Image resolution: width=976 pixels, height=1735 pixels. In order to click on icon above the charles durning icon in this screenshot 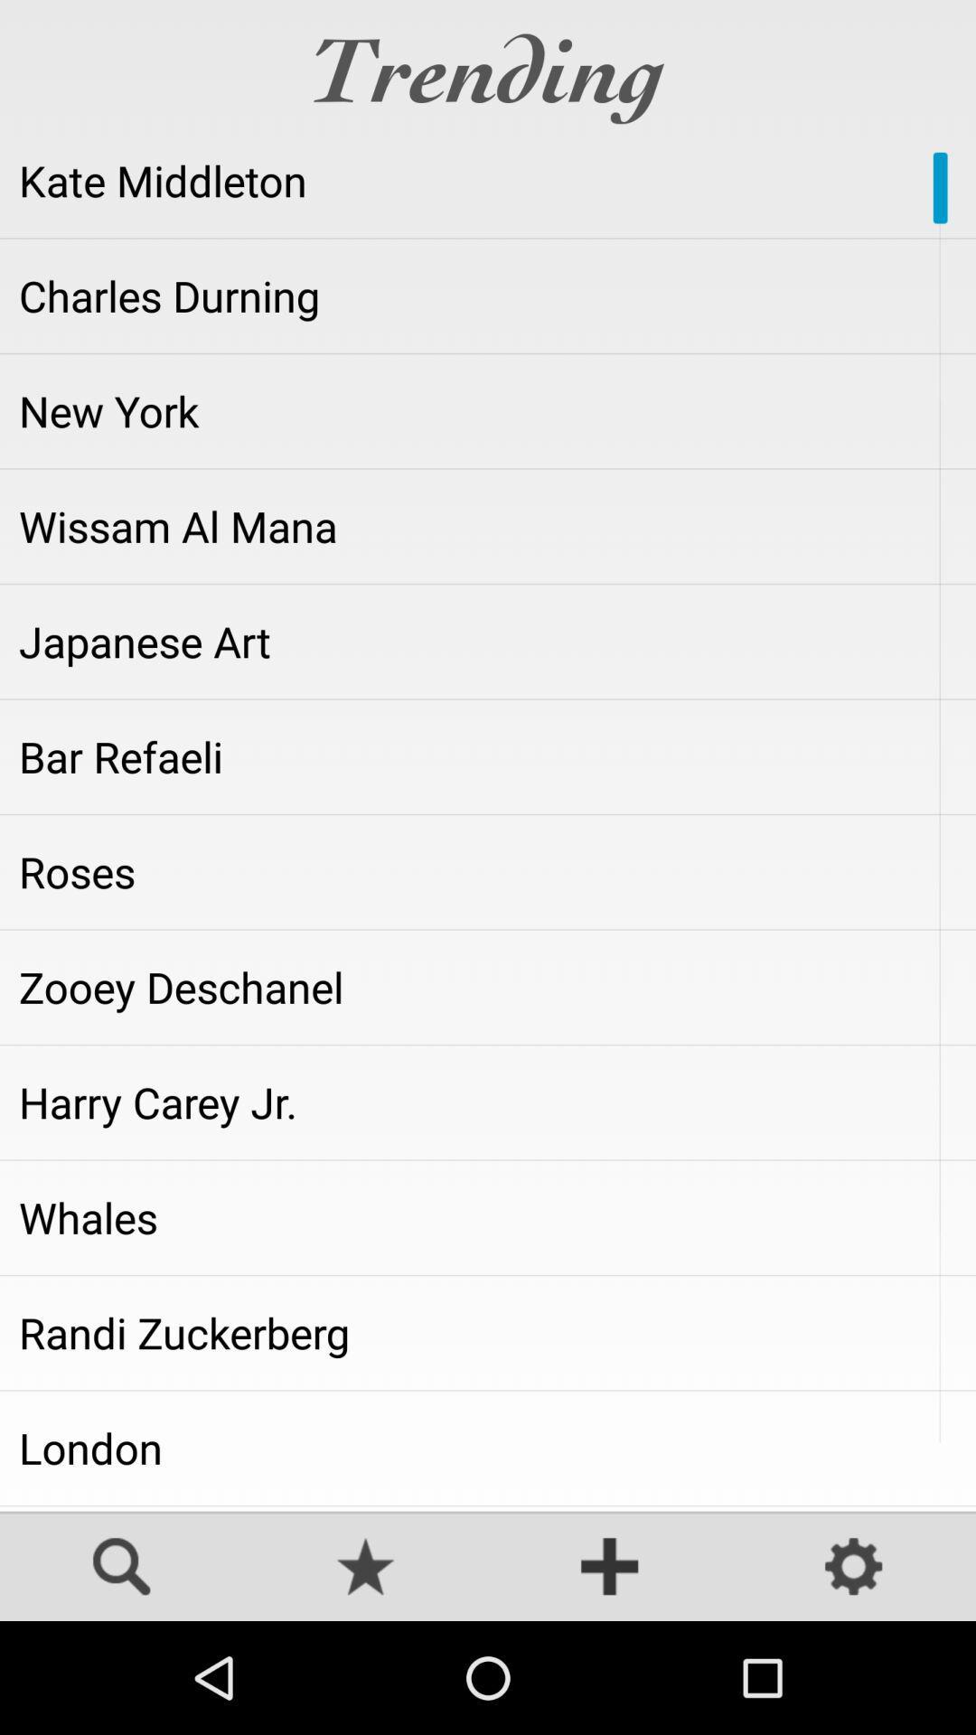, I will do `click(488, 181)`.